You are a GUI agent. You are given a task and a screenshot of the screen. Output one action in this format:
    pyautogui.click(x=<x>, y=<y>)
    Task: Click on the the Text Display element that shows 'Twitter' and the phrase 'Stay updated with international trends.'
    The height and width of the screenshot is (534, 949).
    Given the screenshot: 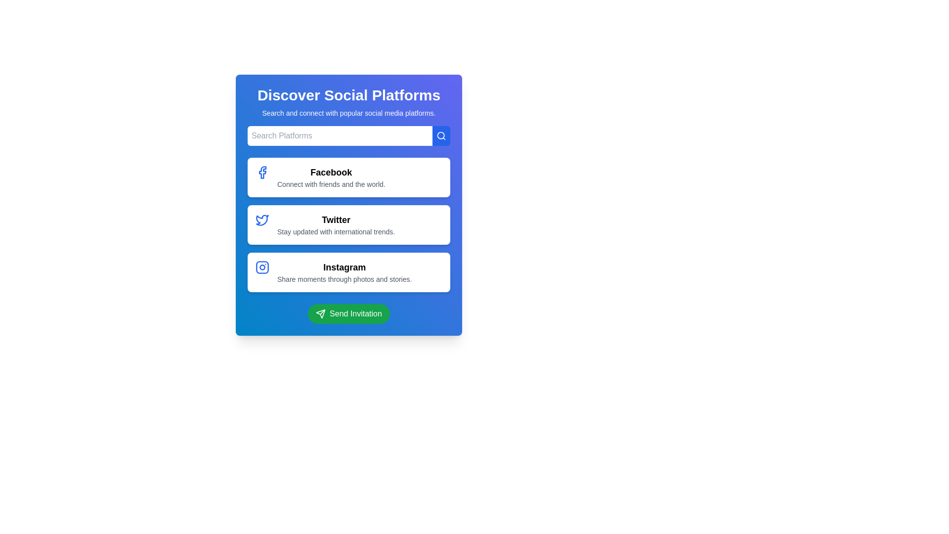 What is the action you would take?
    pyautogui.click(x=336, y=225)
    